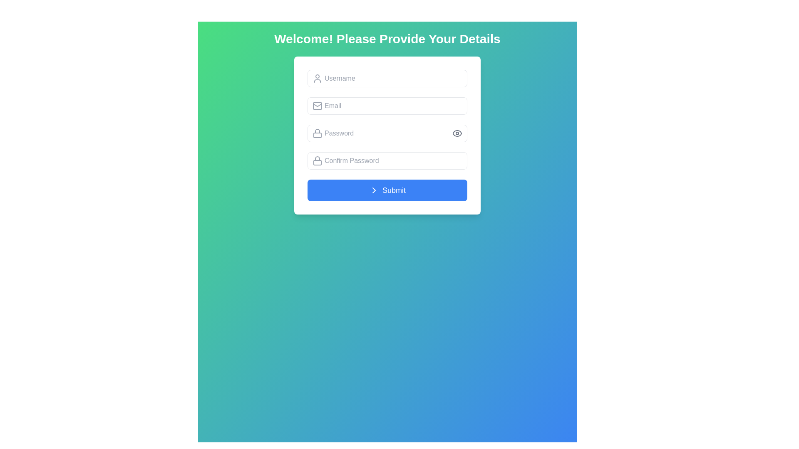 Image resolution: width=799 pixels, height=449 pixels. Describe the element at coordinates (317, 79) in the screenshot. I see `the decorative user profile SVG icon located at the leftmost position within the 'Username' input field in the user details form` at that location.